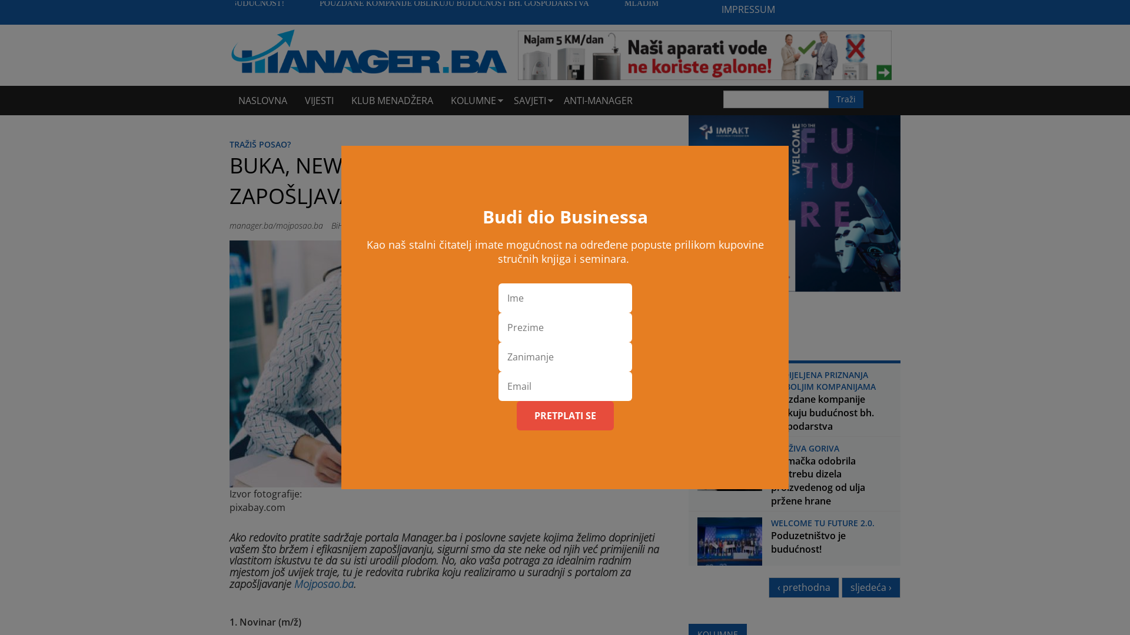  Describe the element at coordinates (324, 583) in the screenshot. I see `'Mojposao.ba'` at that location.